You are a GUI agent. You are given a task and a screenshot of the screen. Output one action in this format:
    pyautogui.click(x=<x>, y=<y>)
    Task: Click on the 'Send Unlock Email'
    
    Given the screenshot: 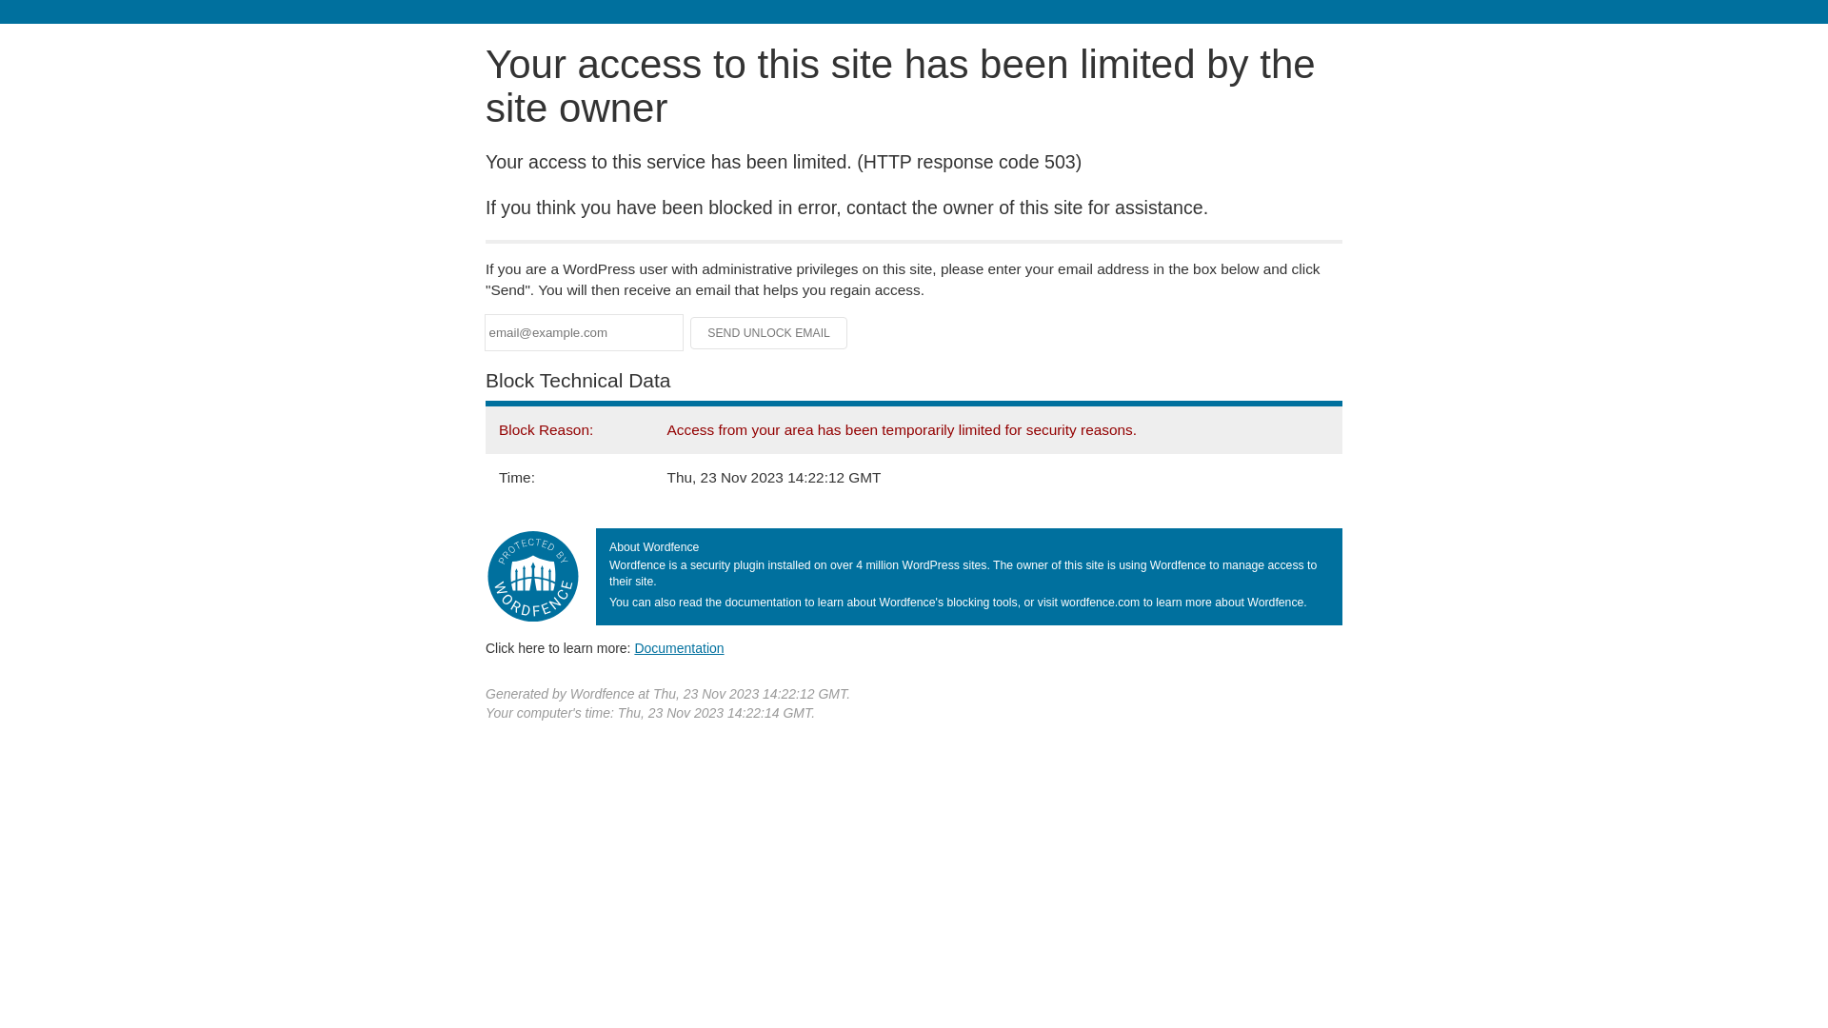 What is the action you would take?
    pyautogui.click(x=768, y=332)
    